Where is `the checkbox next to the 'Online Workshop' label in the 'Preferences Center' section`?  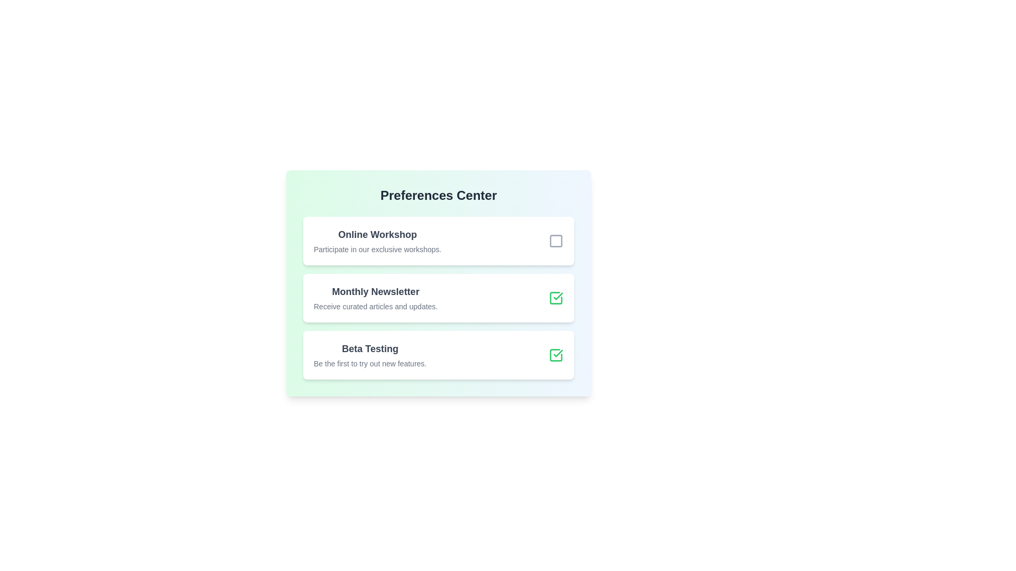
the checkbox next to the 'Online Workshop' label in the 'Preferences Center' section is located at coordinates (556, 241).